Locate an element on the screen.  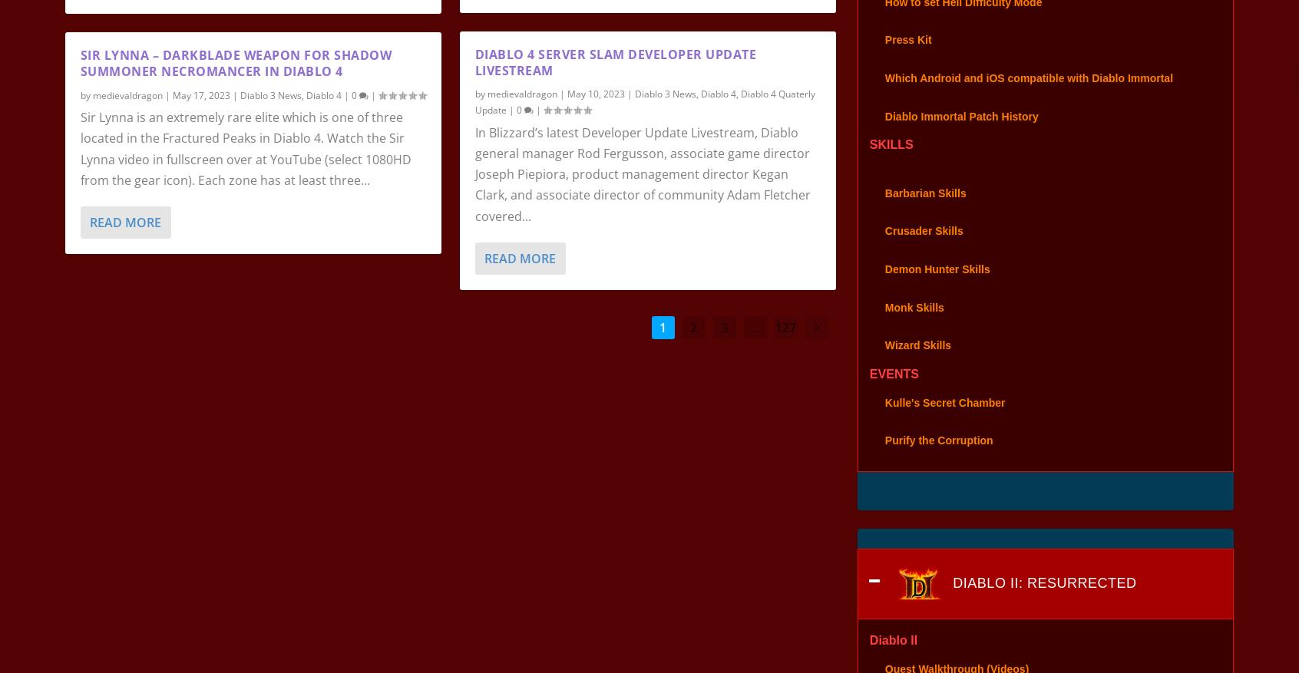
'2' is located at coordinates (692, 347).